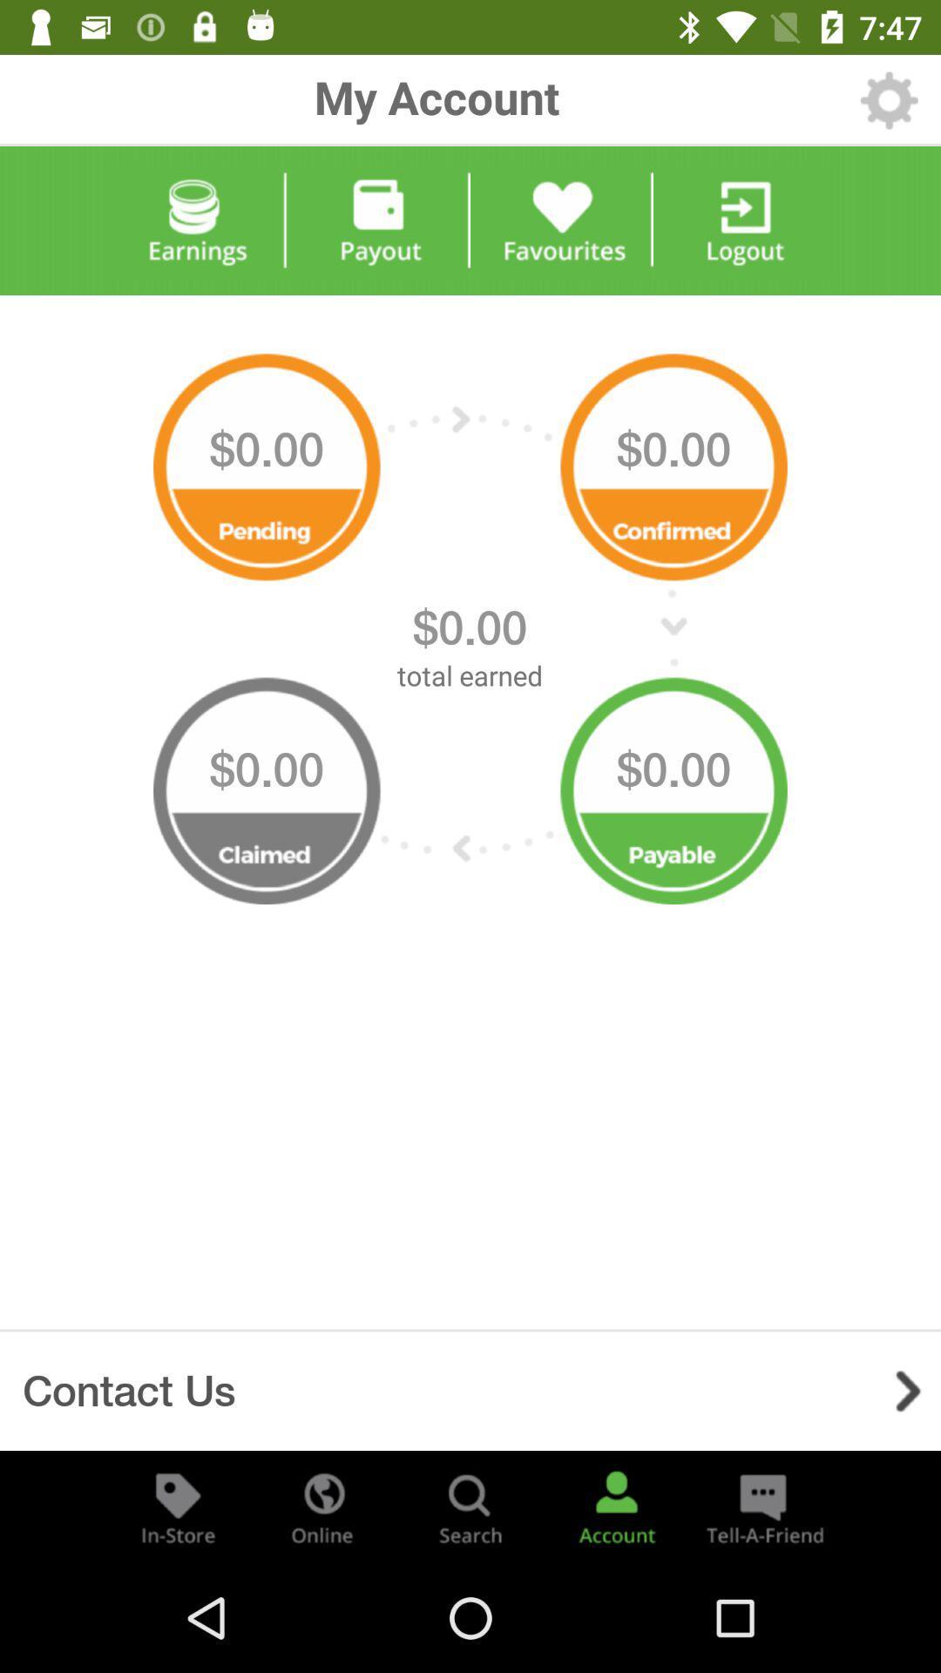 The width and height of the screenshot is (941, 1673). What do you see at coordinates (323, 1506) in the screenshot?
I see `check online` at bounding box center [323, 1506].